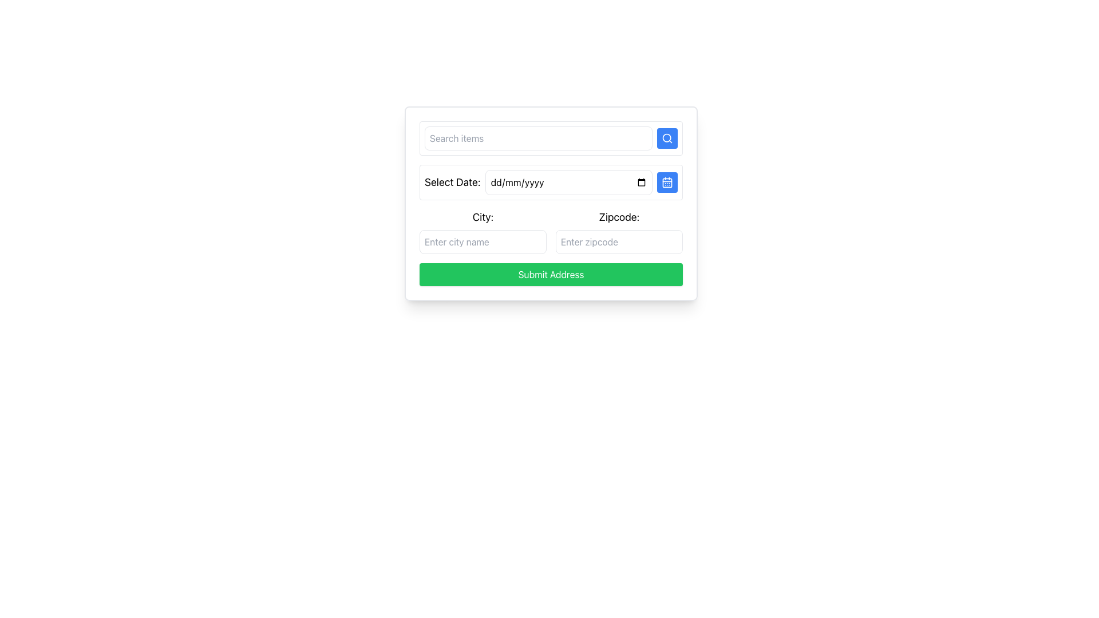 This screenshot has width=1099, height=618. I want to click on the label displaying the text 'City:' which is positioned above the input field for city name in the user input form, so click(483, 217).